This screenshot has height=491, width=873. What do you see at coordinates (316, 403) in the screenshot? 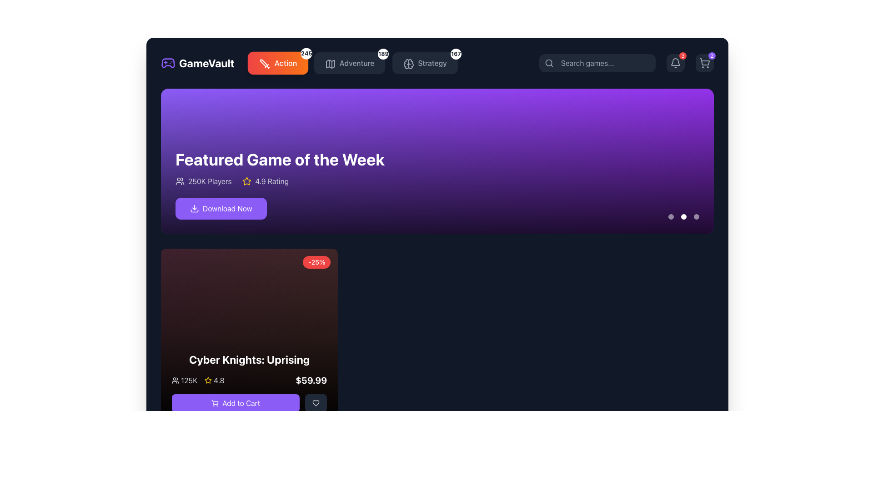
I see `the heart icon button located at the bottom-right corner of the product card to favorite the product` at bounding box center [316, 403].